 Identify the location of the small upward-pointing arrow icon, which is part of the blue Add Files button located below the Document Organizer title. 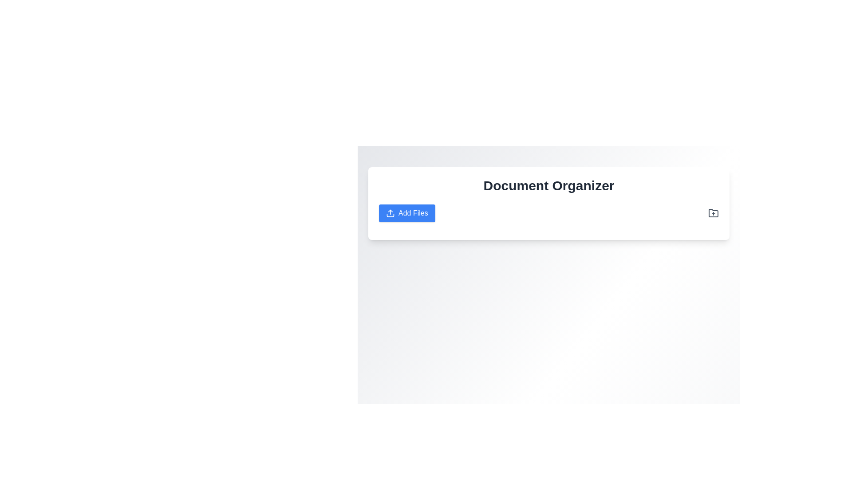
(390, 213).